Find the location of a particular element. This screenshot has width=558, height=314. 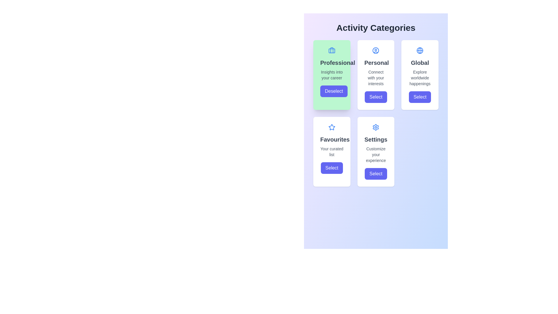

contents of the fifth card in the grid layout, which allows users to customize their experience by accessing settings is located at coordinates (376, 151).